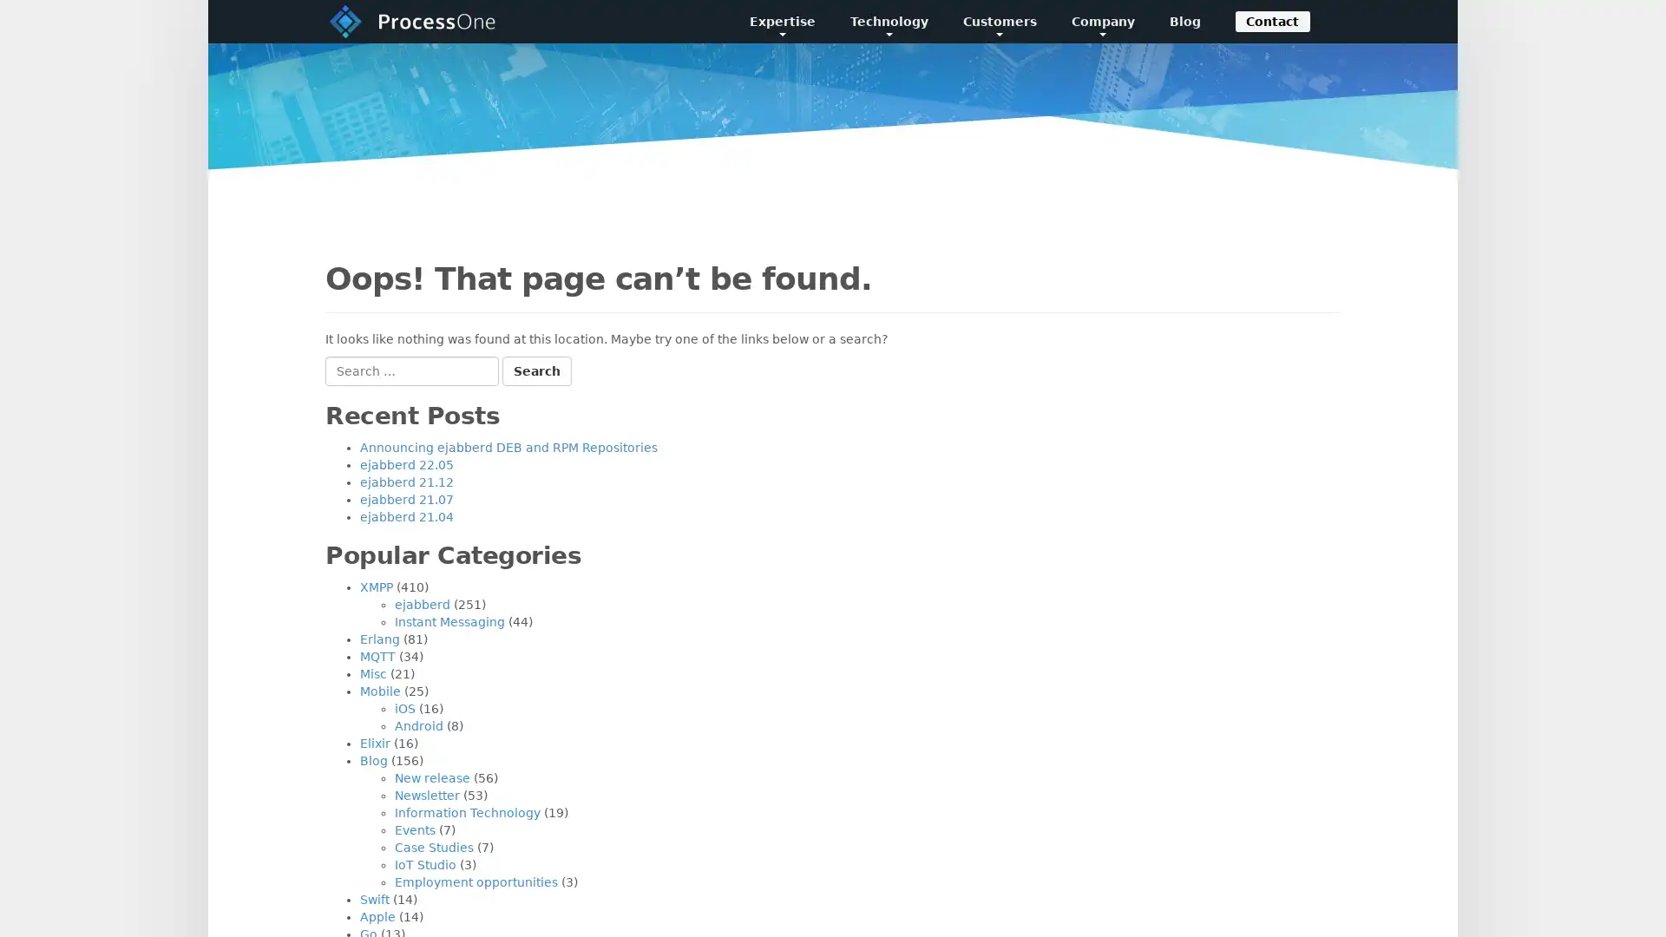 This screenshot has height=937, width=1666. I want to click on Search, so click(536, 370).